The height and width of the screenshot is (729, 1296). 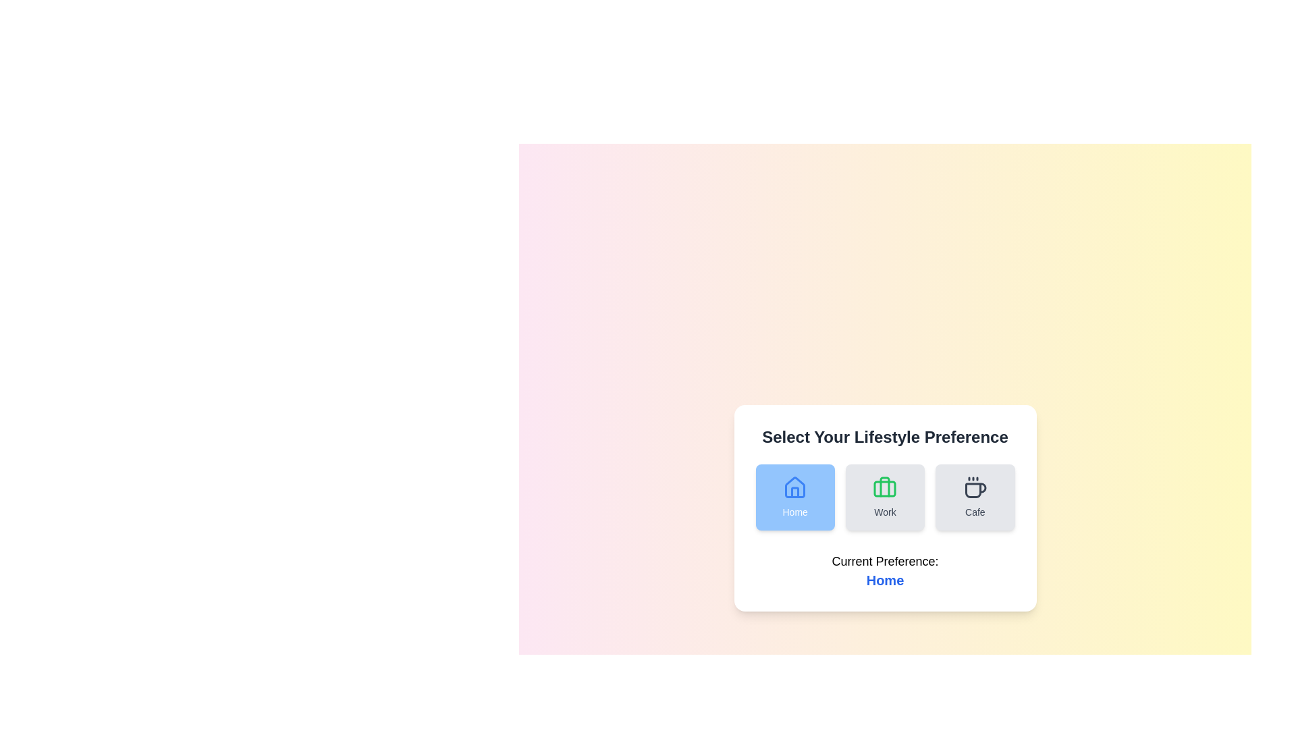 What do you see at coordinates (795, 492) in the screenshot?
I see `the door element within the house-shaped icon, which is styled in blue and is the central feature of the icon among the options labeled 'Home,' 'Work,' and 'Cafe.'` at bounding box center [795, 492].